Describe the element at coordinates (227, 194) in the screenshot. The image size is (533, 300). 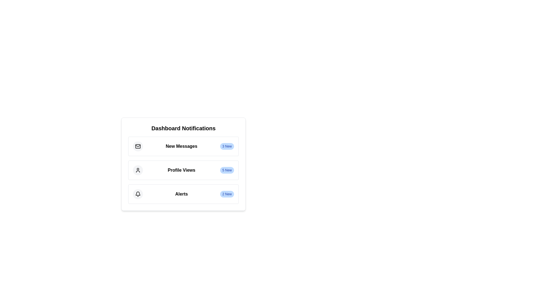
I see `the badge labeled '2 New' with a light blue background and bold blue text, located in the 'Alerts' section of notifications` at that location.